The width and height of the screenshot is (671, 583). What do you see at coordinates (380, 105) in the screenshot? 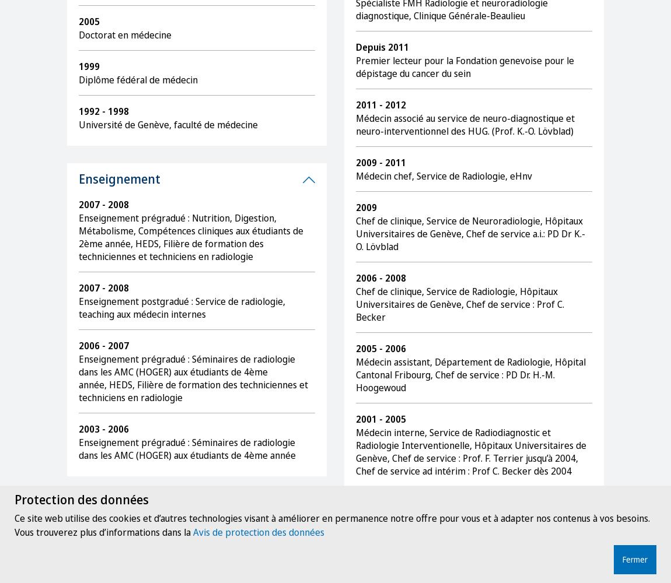
I see `'2011 - 2012'` at bounding box center [380, 105].